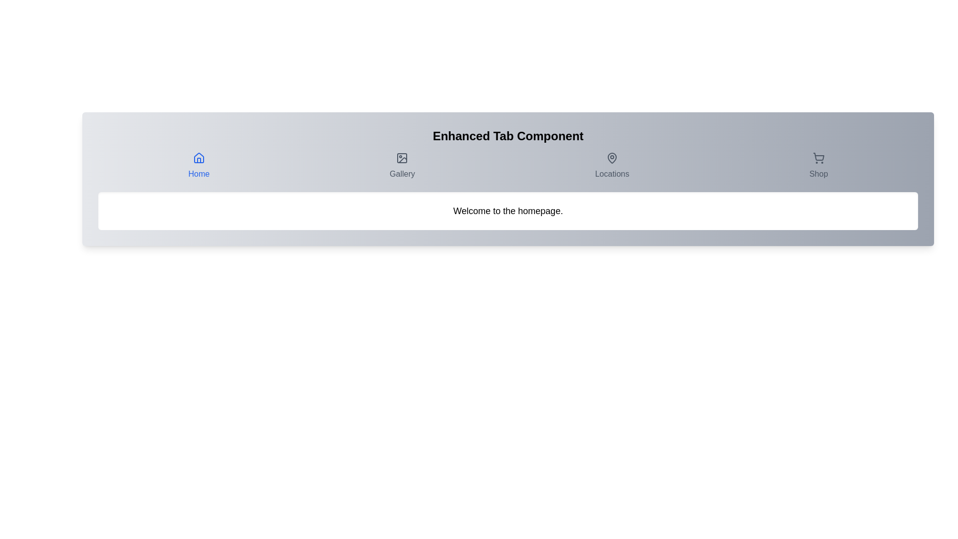 This screenshot has width=958, height=539. Describe the element at coordinates (611, 157) in the screenshot. I see `the larger shape of the map pin icon located in the third tab labeled 'Locations' within the top-centered gray navigation bar` at that location.